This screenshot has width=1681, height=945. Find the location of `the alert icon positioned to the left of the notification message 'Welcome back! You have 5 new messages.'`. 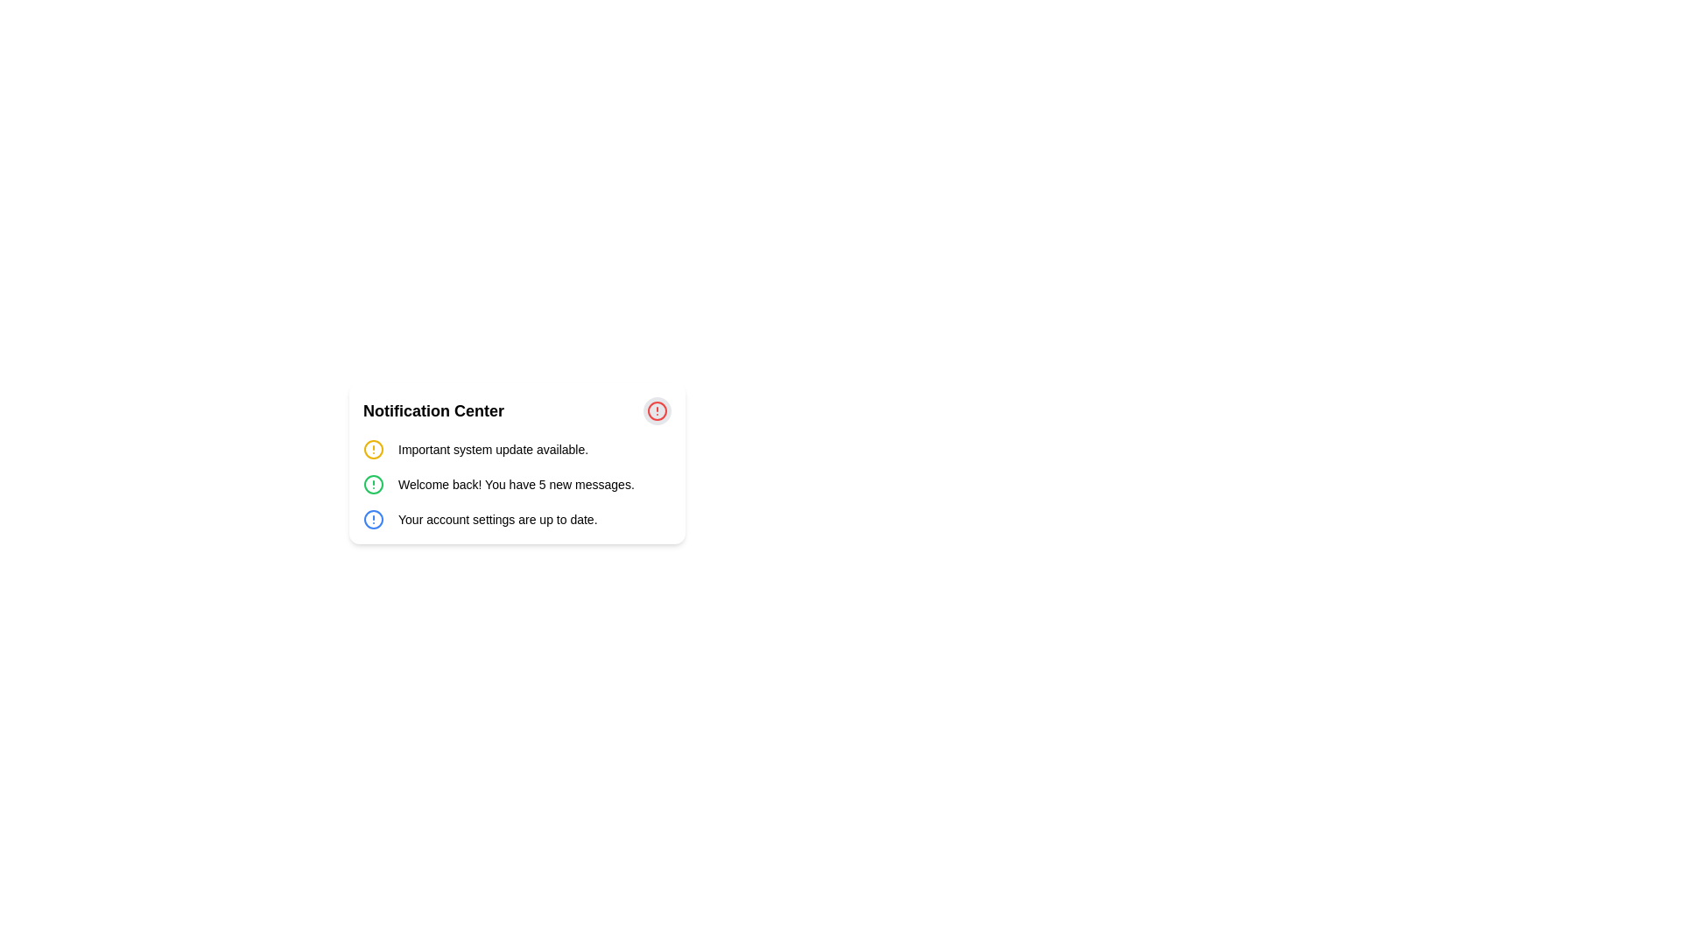

the alert icon positioned to the left of the notification message 'Welcome back! You have 5 new messages.' is located at coordinates (373, 485).